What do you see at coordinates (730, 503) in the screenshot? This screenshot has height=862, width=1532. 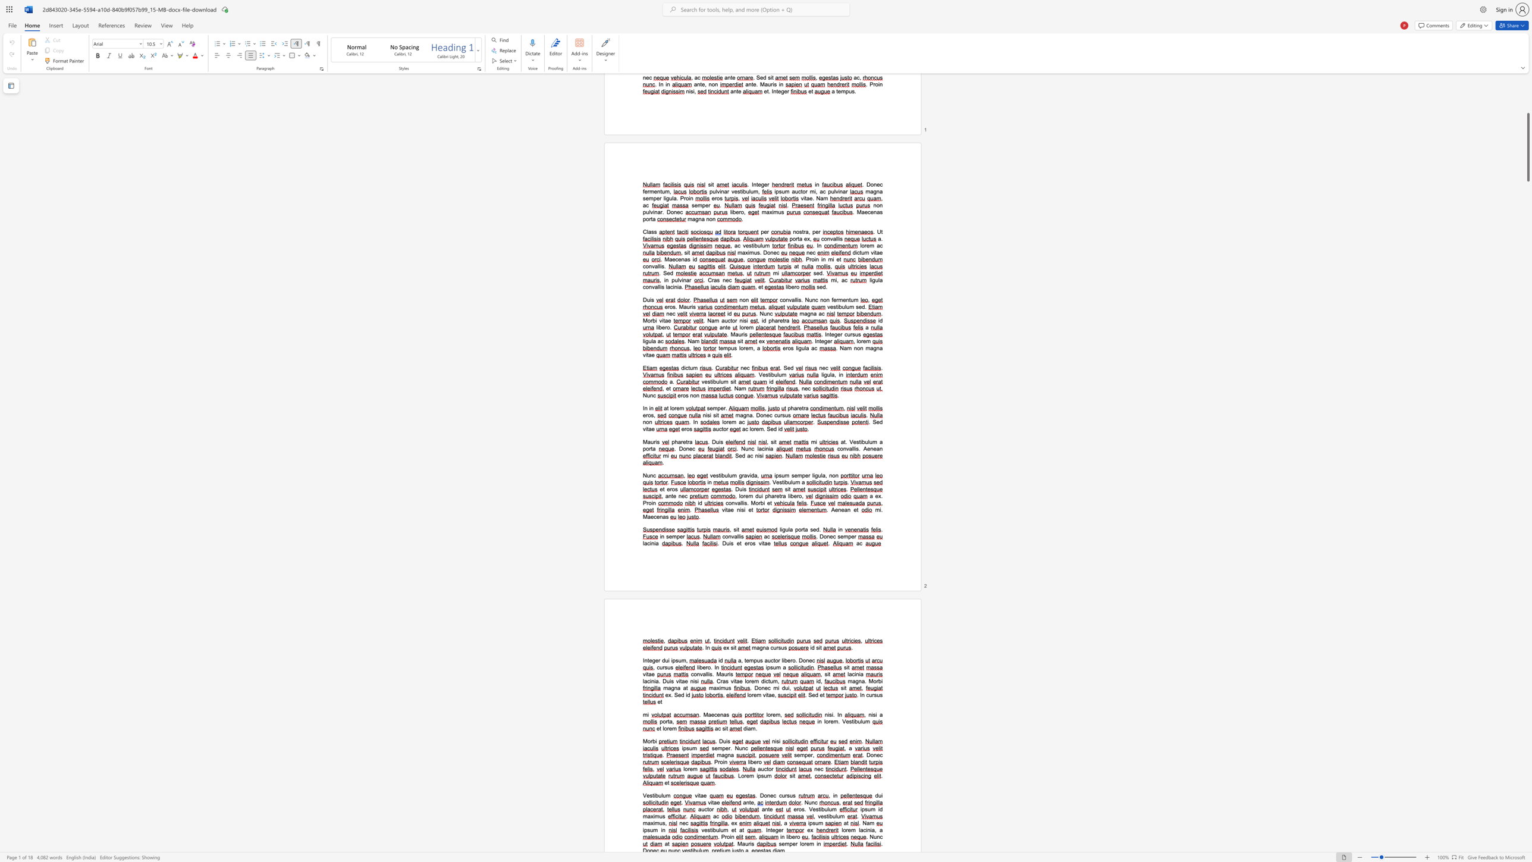 I see `the 1th character "o" in the text` at bounding box center [730, 503].